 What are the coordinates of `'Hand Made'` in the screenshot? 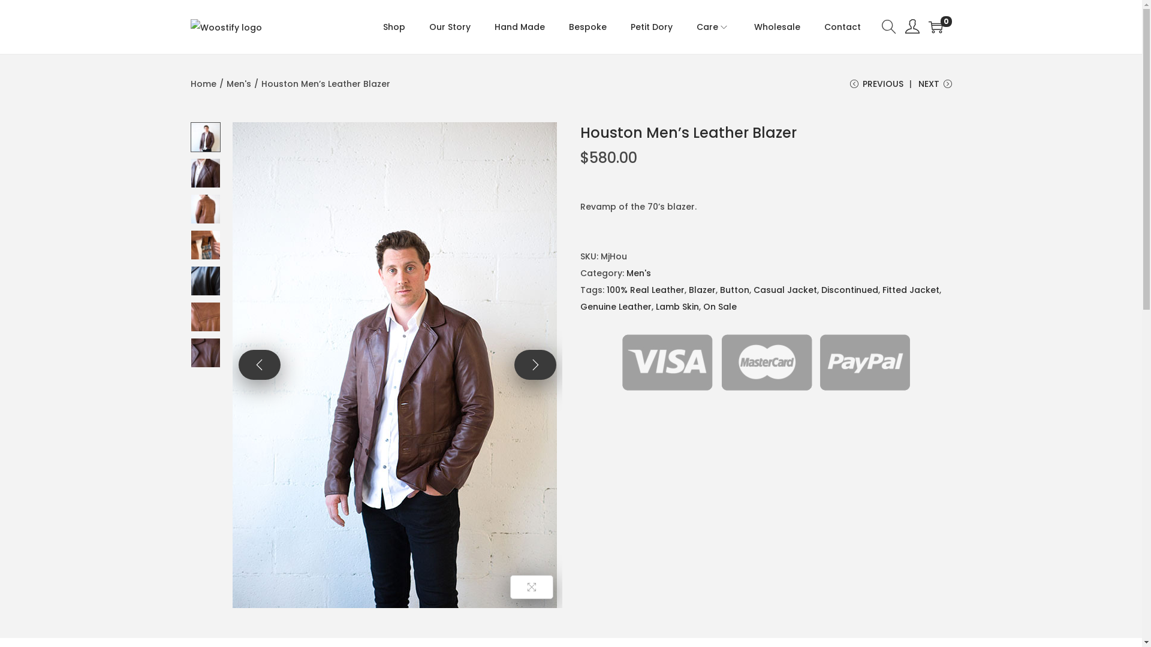 It's located at (519, 27).